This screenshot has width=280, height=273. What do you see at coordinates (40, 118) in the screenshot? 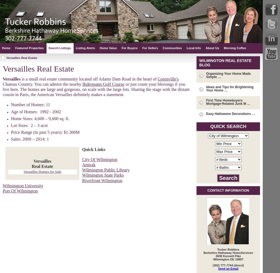
I see `'Home Sizes: 4,600 – 9,600 sq. ft.'` at bounding box center [40, 118].